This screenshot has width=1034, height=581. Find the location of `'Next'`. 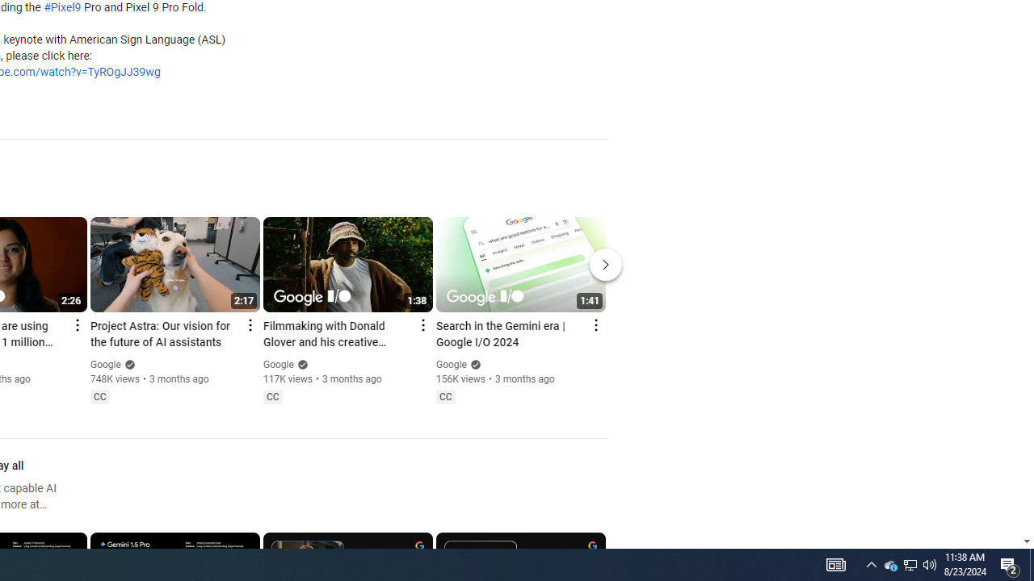

'Next' is located at coordinates (605, 263).